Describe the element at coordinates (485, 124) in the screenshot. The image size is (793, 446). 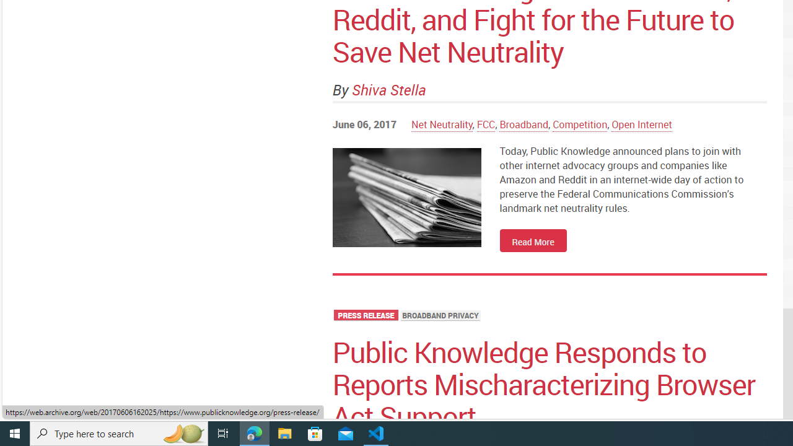
I see `'FCC'` at that location.